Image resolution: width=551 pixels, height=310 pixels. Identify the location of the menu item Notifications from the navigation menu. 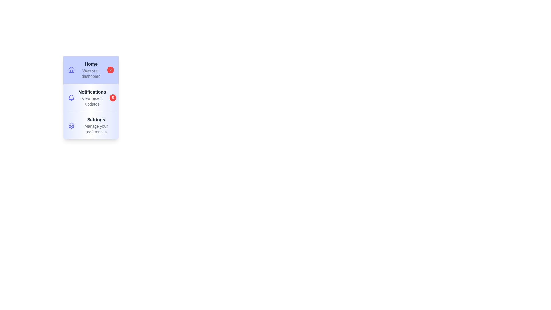
(90, 97).